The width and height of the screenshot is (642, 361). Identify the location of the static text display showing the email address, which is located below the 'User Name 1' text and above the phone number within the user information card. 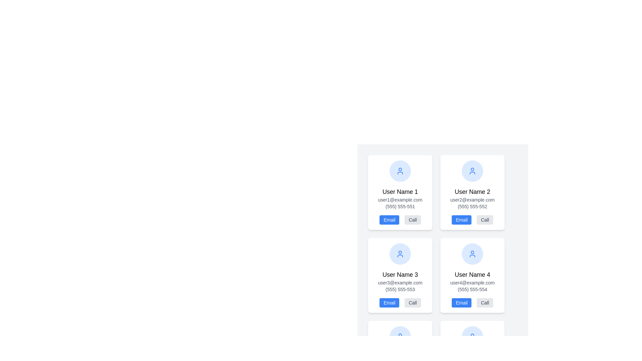
(400, 199).